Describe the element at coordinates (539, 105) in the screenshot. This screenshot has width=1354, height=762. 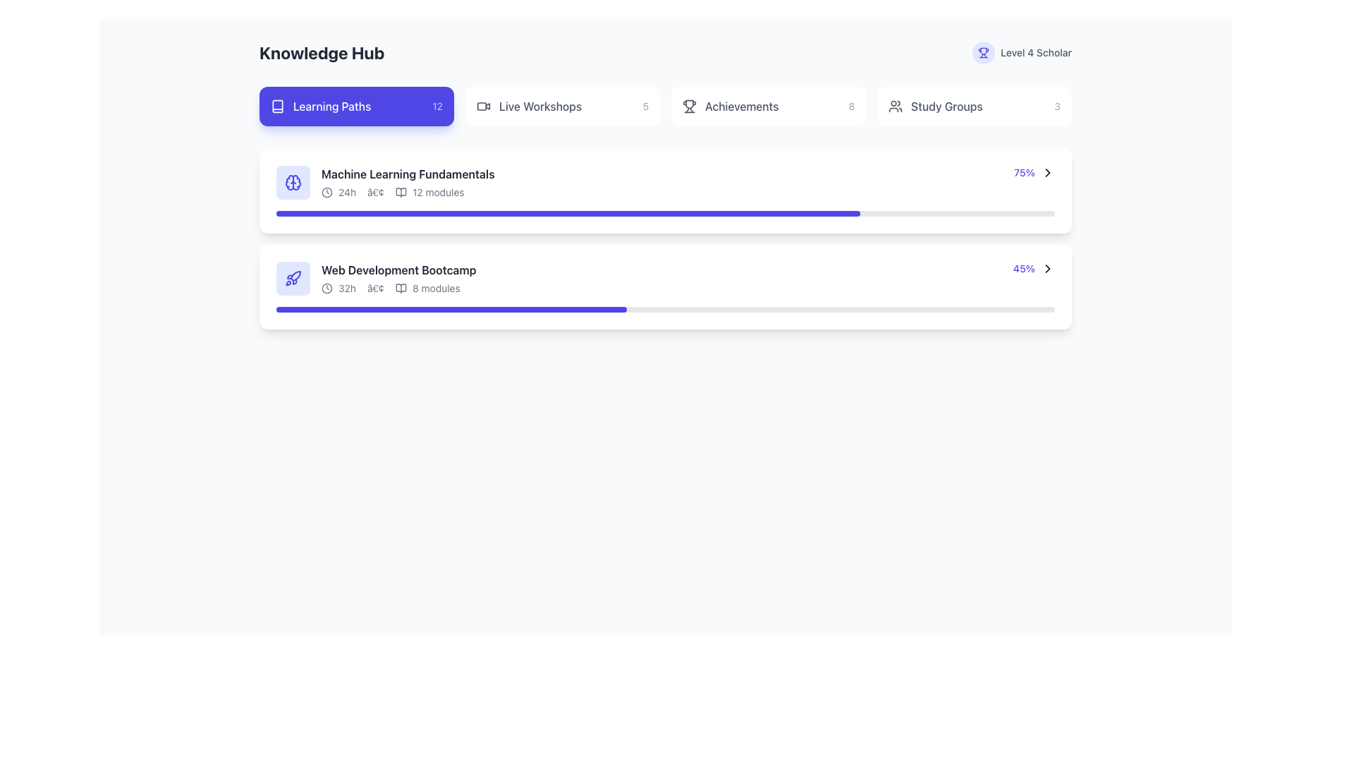
I see `the text label displaying 'Live Workshops', which is centrally located in a button-like group in the second position below the 'Knowledge Hub' heading` at that location.